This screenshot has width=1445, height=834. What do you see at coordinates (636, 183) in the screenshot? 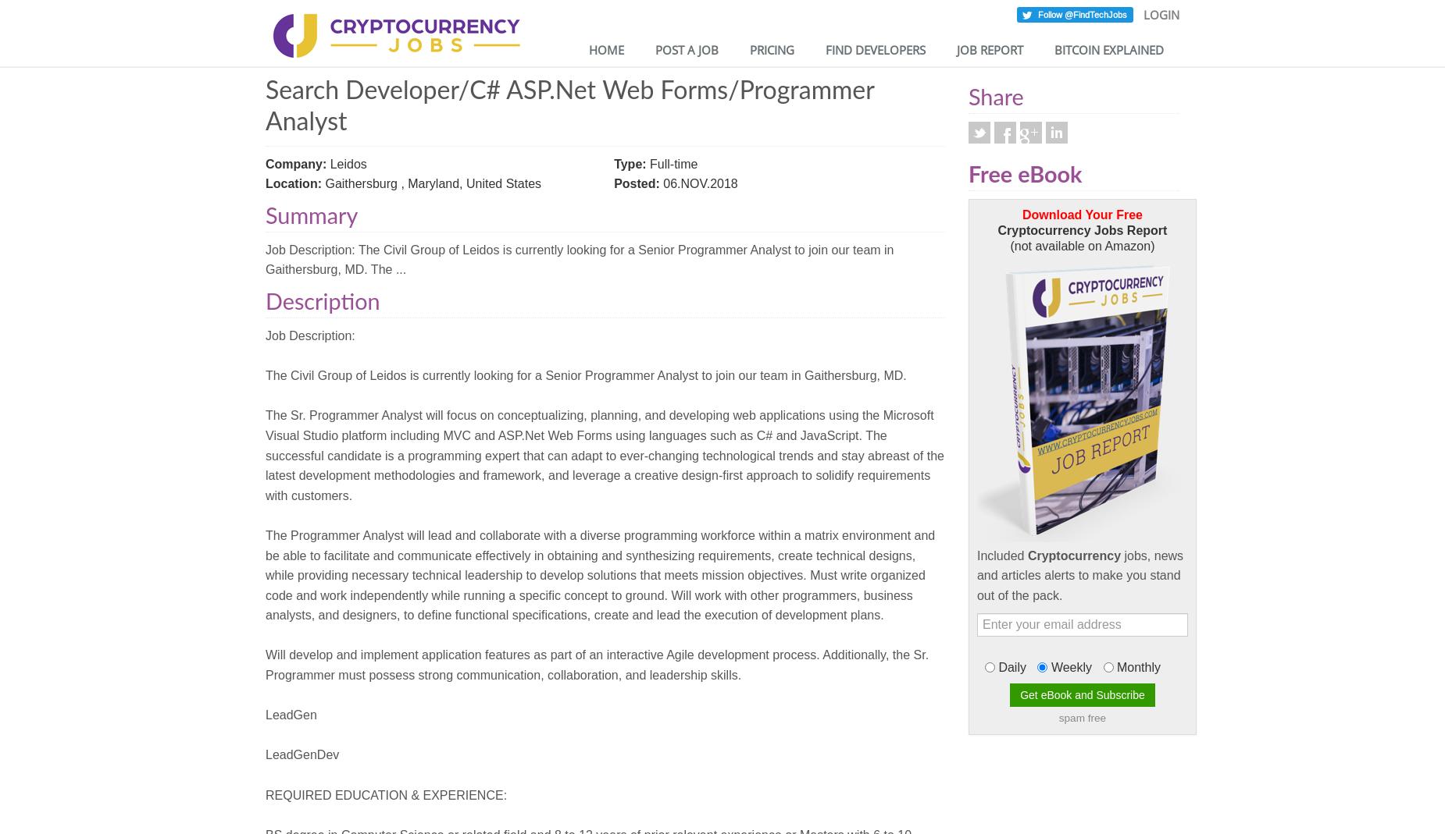
I see `'Posted:'` at bounding box center [636, 183].